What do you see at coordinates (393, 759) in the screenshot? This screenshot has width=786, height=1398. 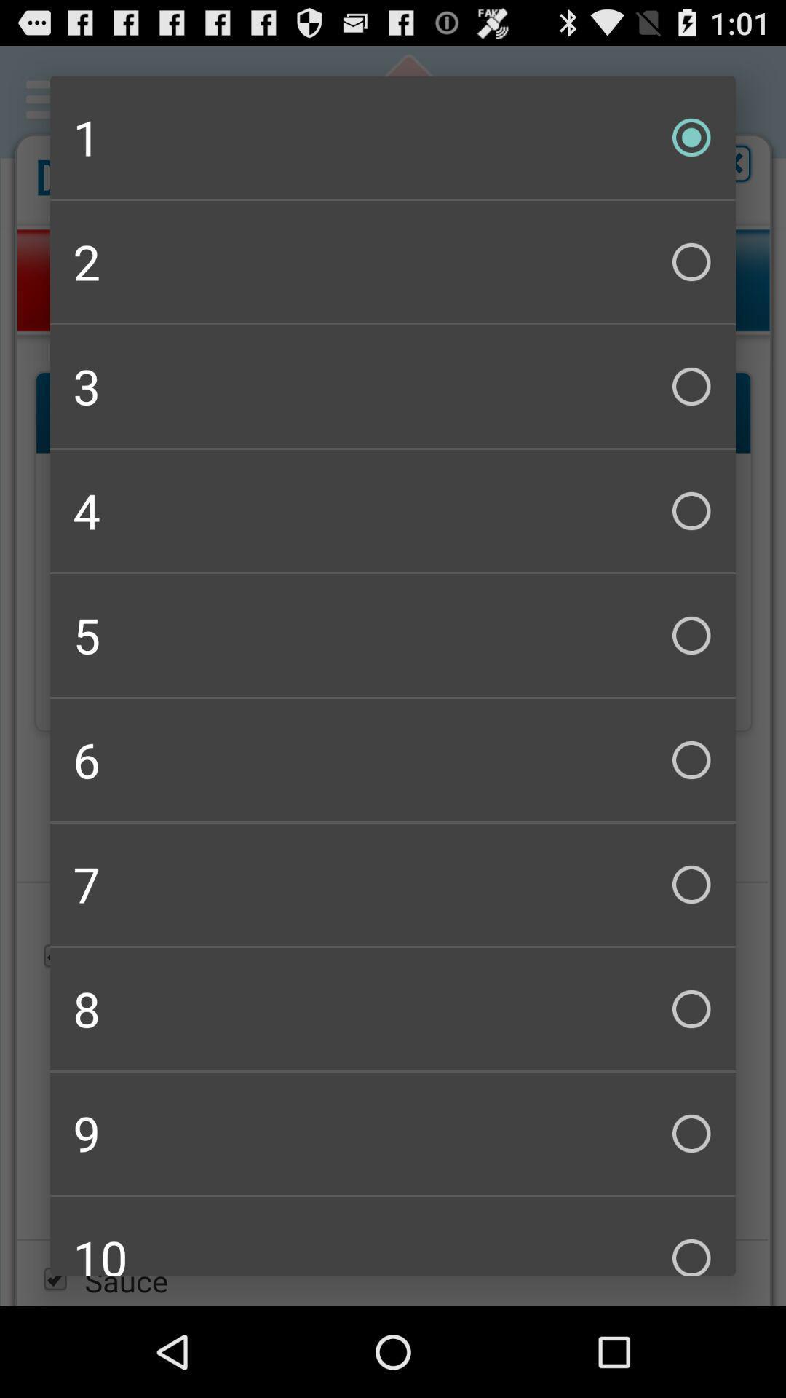 I see `the checkbox below 5 icon` at bounding box center [393, 759].